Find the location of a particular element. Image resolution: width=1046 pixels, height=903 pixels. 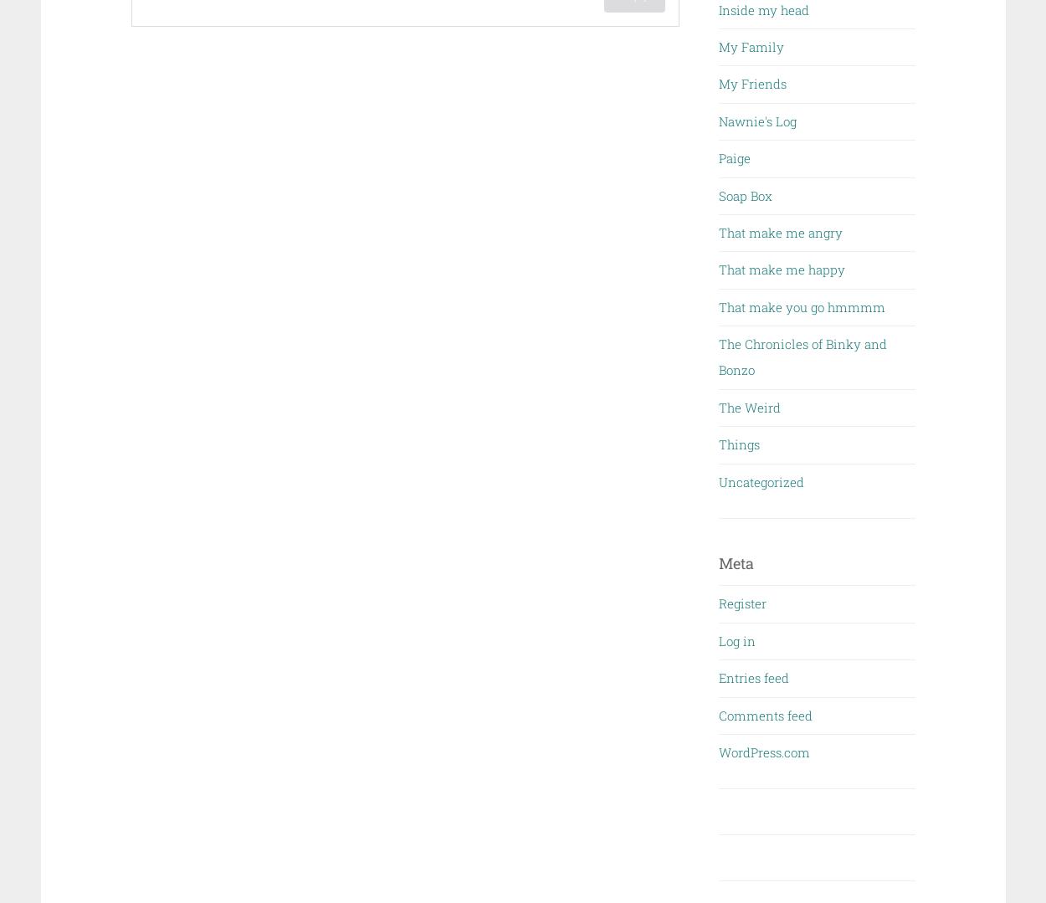

'Entries feed' is located at coordinates (754, 677).